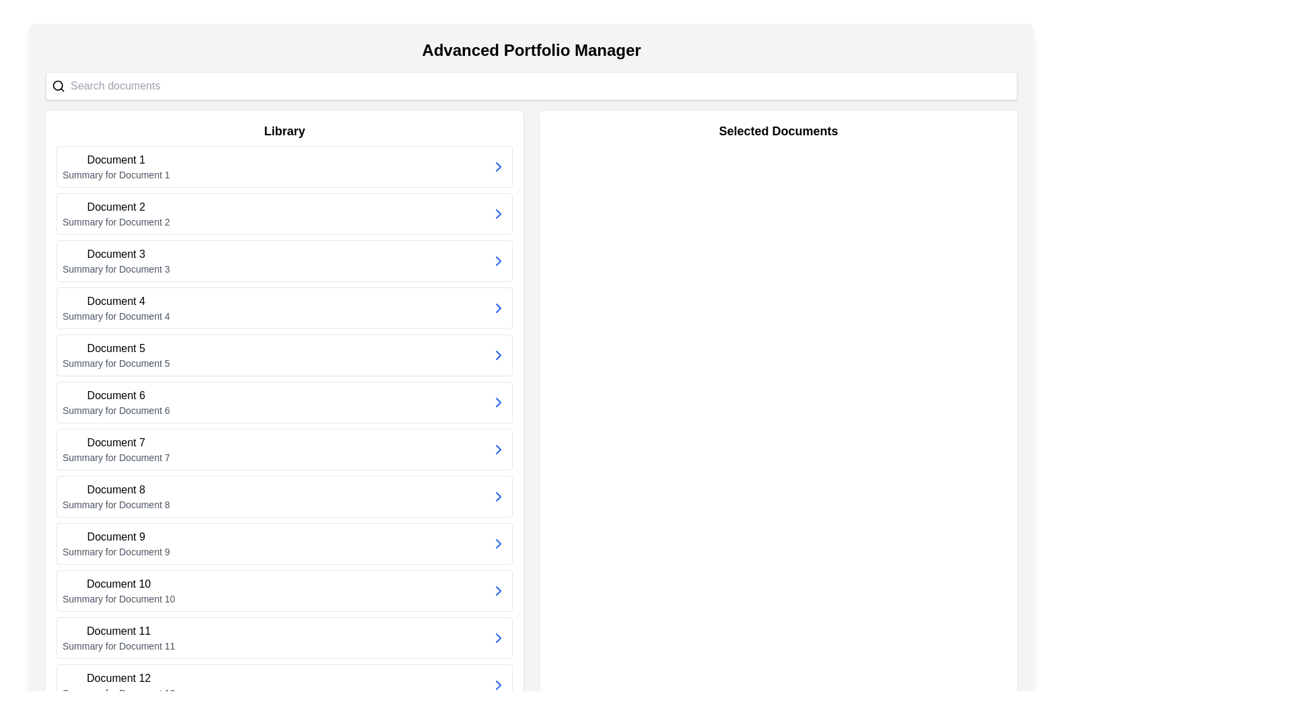  I want to click on the right-facing chevron-shaped arrow icon button located at the far right end of the card labeled 'Document 7', so click(497, 449).